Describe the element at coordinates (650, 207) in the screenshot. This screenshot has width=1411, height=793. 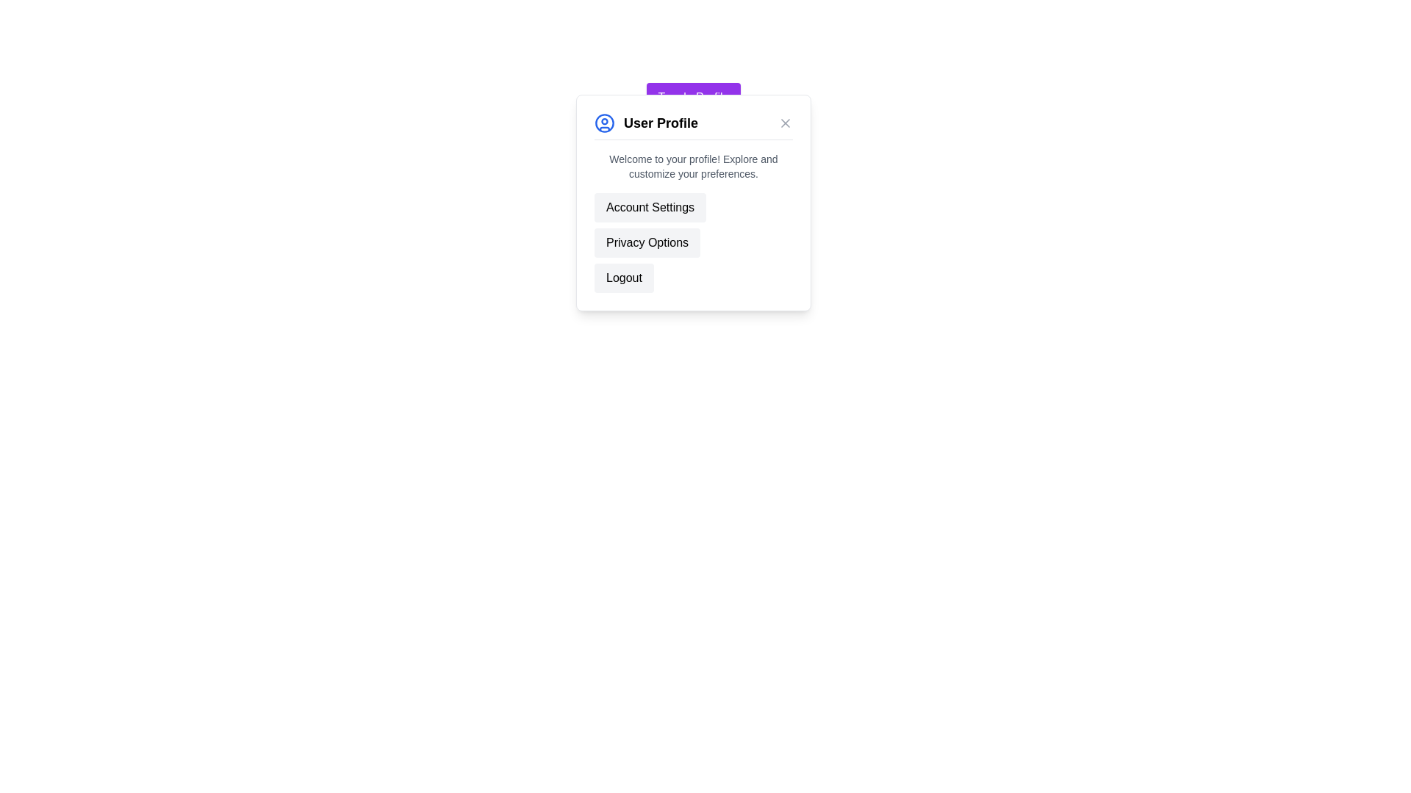
I see `the 'Account Settings' button to observe a change in background color, which is a rectangular button located at the top of a vertical stack of buttons in the modal dialog` at that location.